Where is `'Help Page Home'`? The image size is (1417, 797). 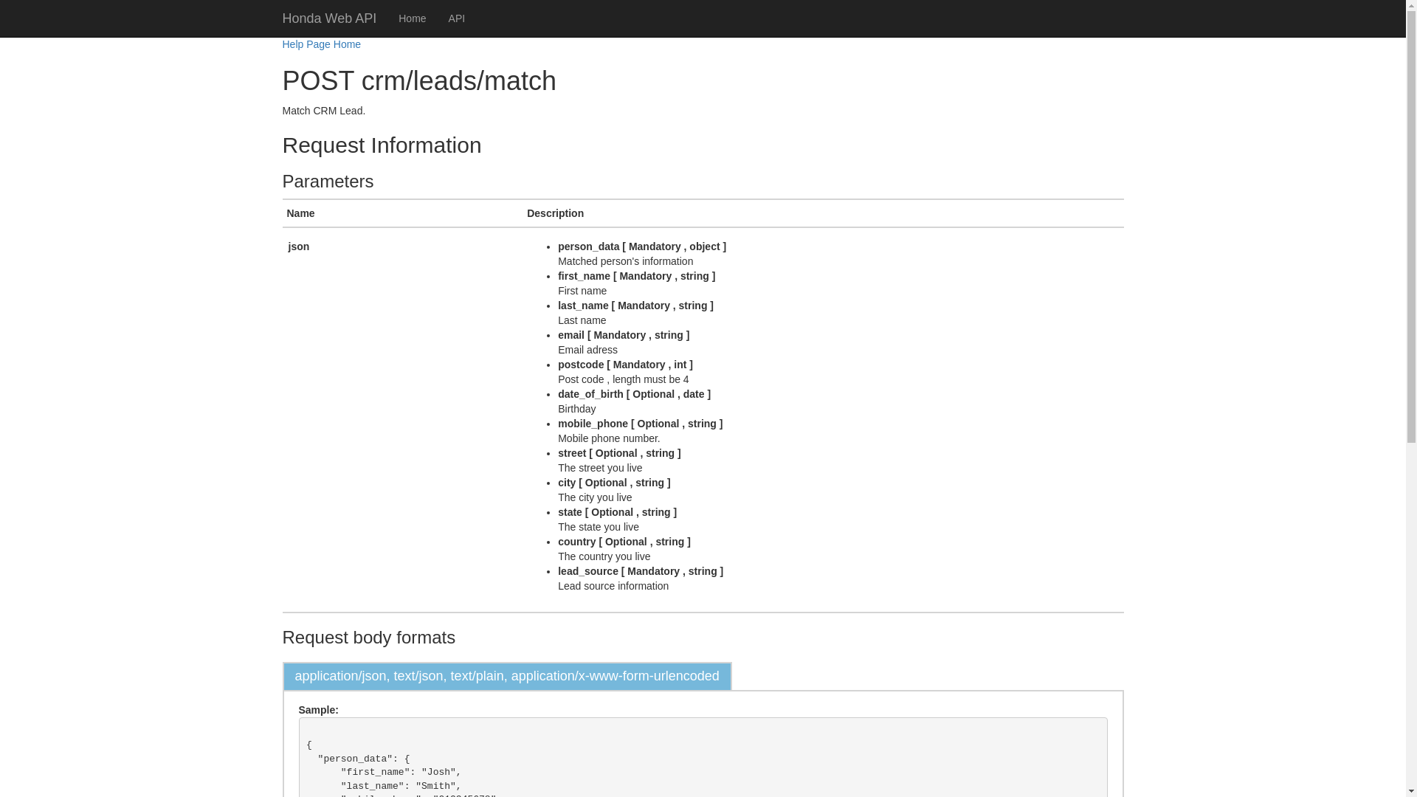
'Help Page Home' is located at coordinates (320, 44).